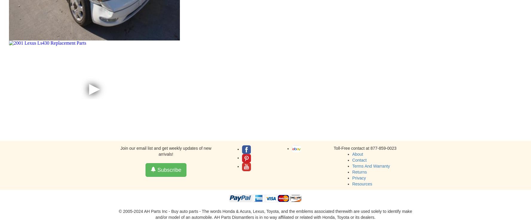 Image resolution: width=531 pixels, height=220 pixels. Describe the element at coordinates (359, 172) in the screenshot. I see `'Returns'` at that location.